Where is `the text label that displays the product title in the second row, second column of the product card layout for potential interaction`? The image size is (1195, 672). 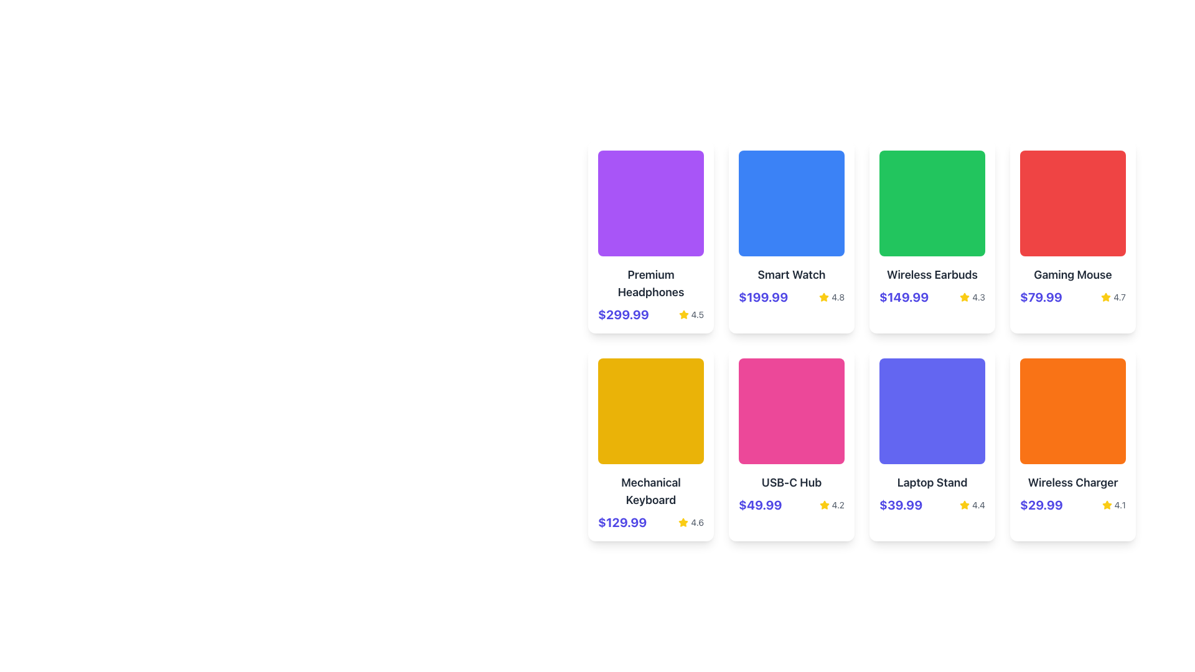
the text label that displays the product title in the second row, second column of the product card layout for potential interaction is located at coordinates (791, 482).